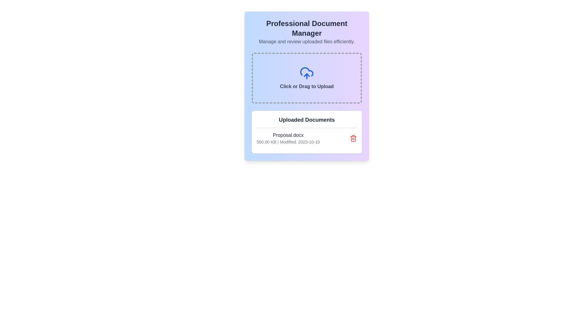  Describe the element at coordinates (307, 138) in the screenshot. I see `the document entry representing 'Proposal.docx'` at that location.